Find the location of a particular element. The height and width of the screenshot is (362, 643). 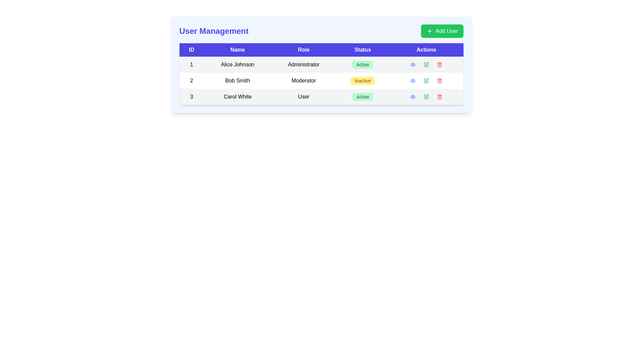

the green edit icon button located in the actions column of the third row for the user named 'Carol White' is located at coordinates (426, 97).